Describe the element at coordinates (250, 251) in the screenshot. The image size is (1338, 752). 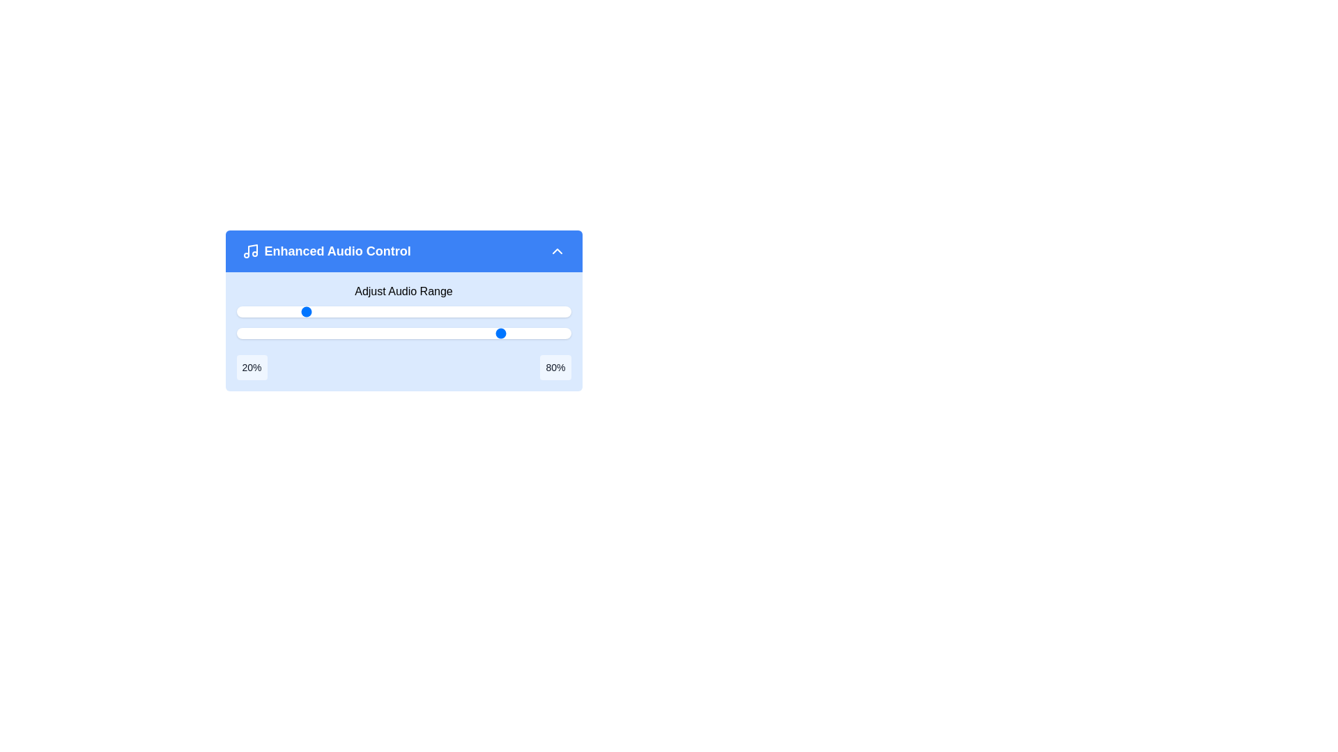
I see `the audio/music icon located in the top-left corner of the 'Enhanced Audio Control' interface, positioned immediately to the left of the text label` at that location.